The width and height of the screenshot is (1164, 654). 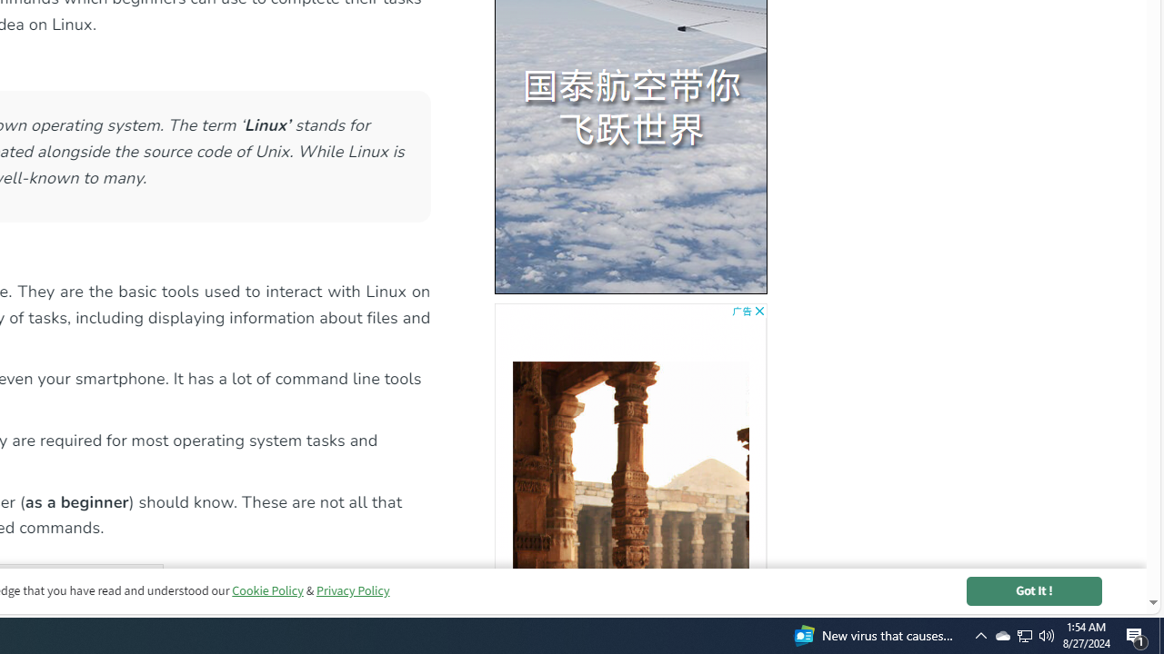 I want to click on 'Cookie Policy', so click(x=266, y=590).